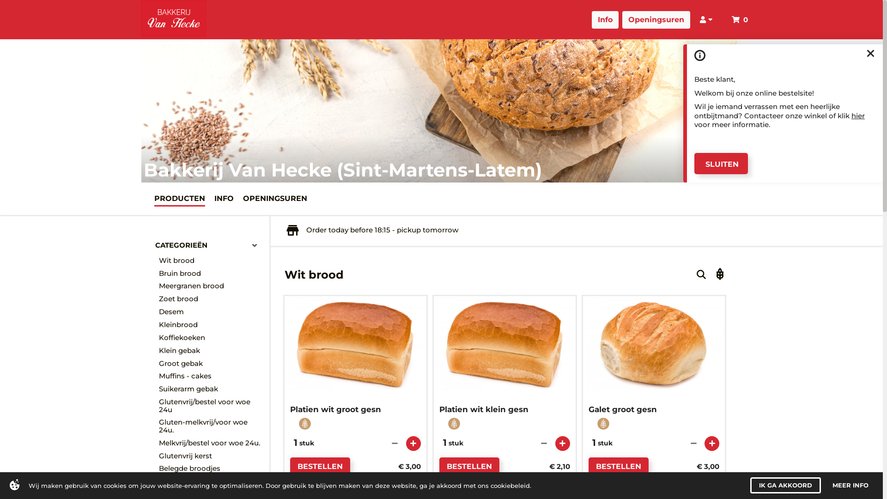  I want to click on 'Info', so click(616, 19).